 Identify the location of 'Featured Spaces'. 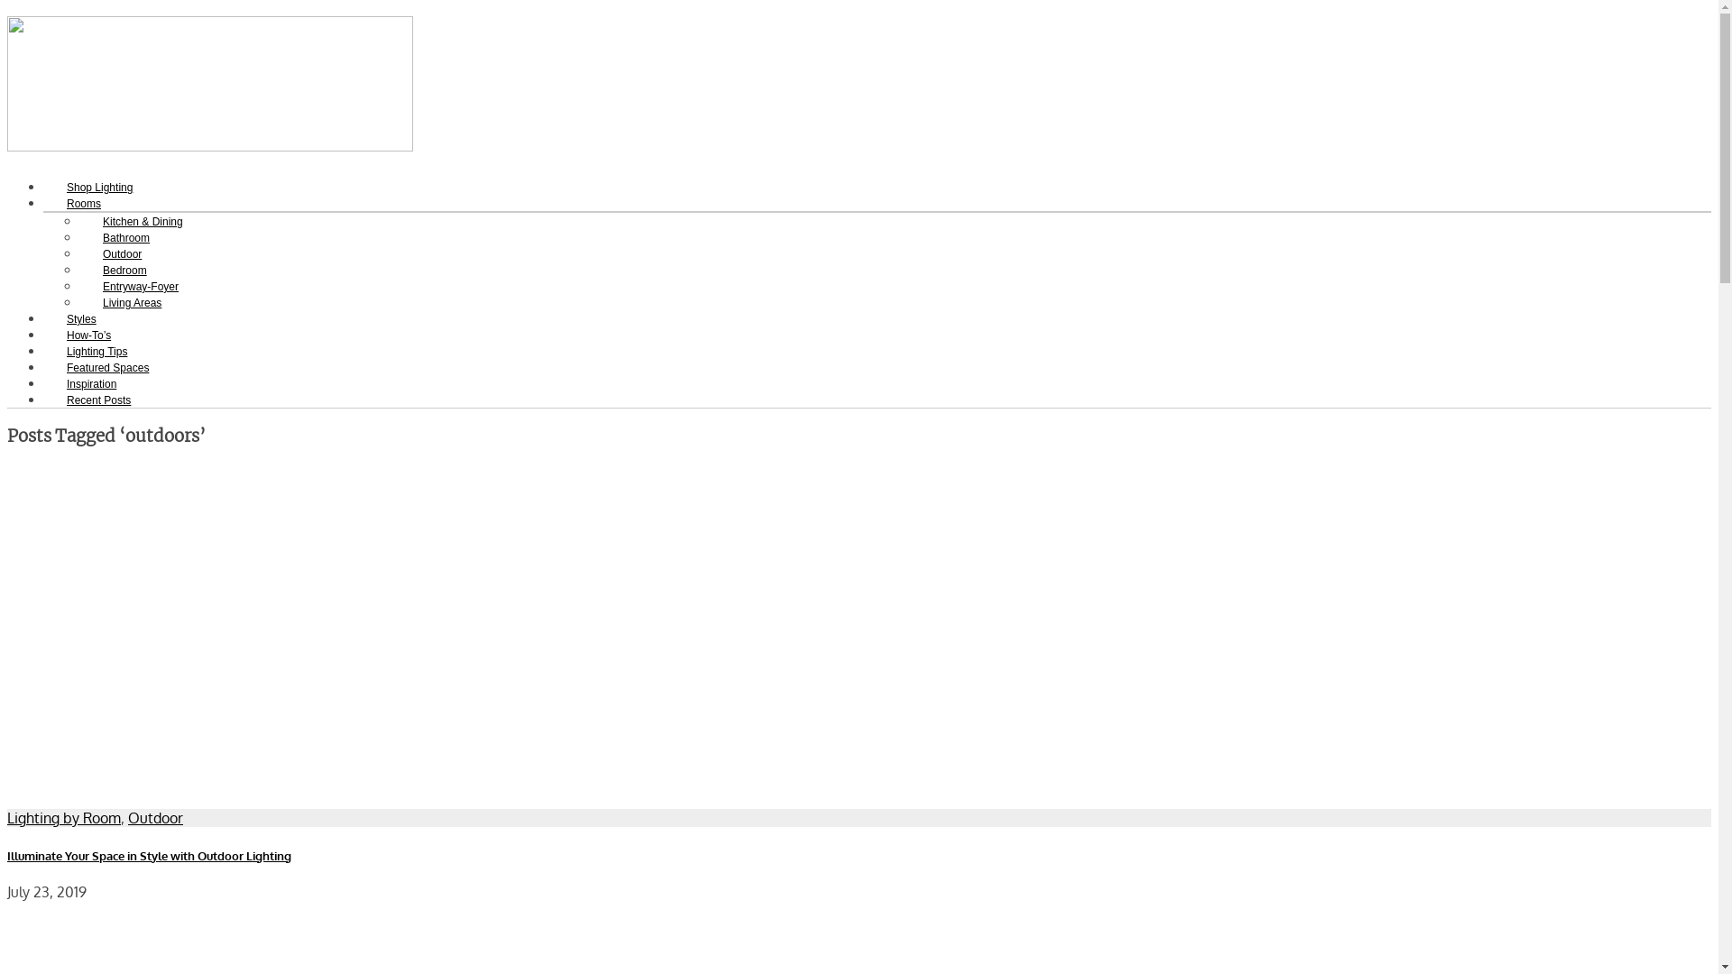
(43, 367).